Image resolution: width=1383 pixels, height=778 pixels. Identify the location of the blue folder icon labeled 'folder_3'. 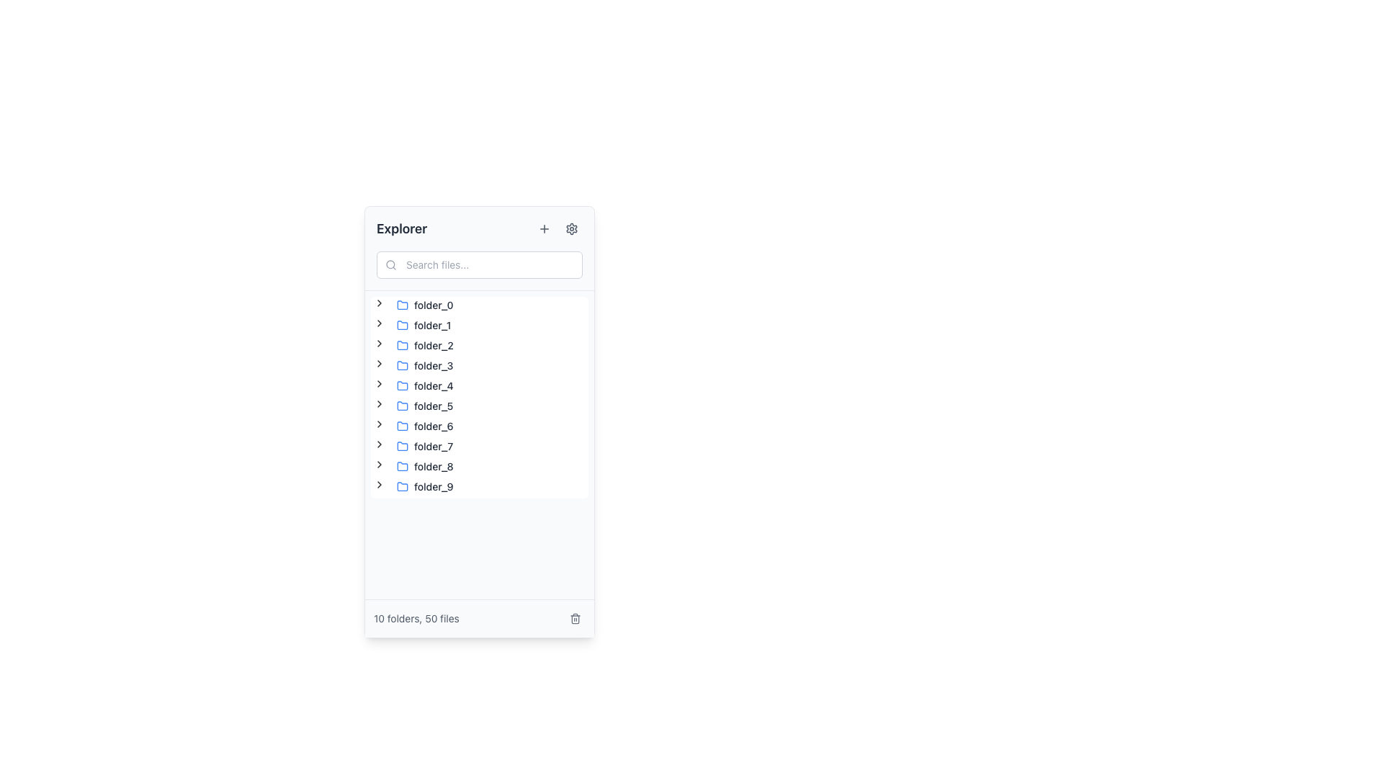
(402, 364).